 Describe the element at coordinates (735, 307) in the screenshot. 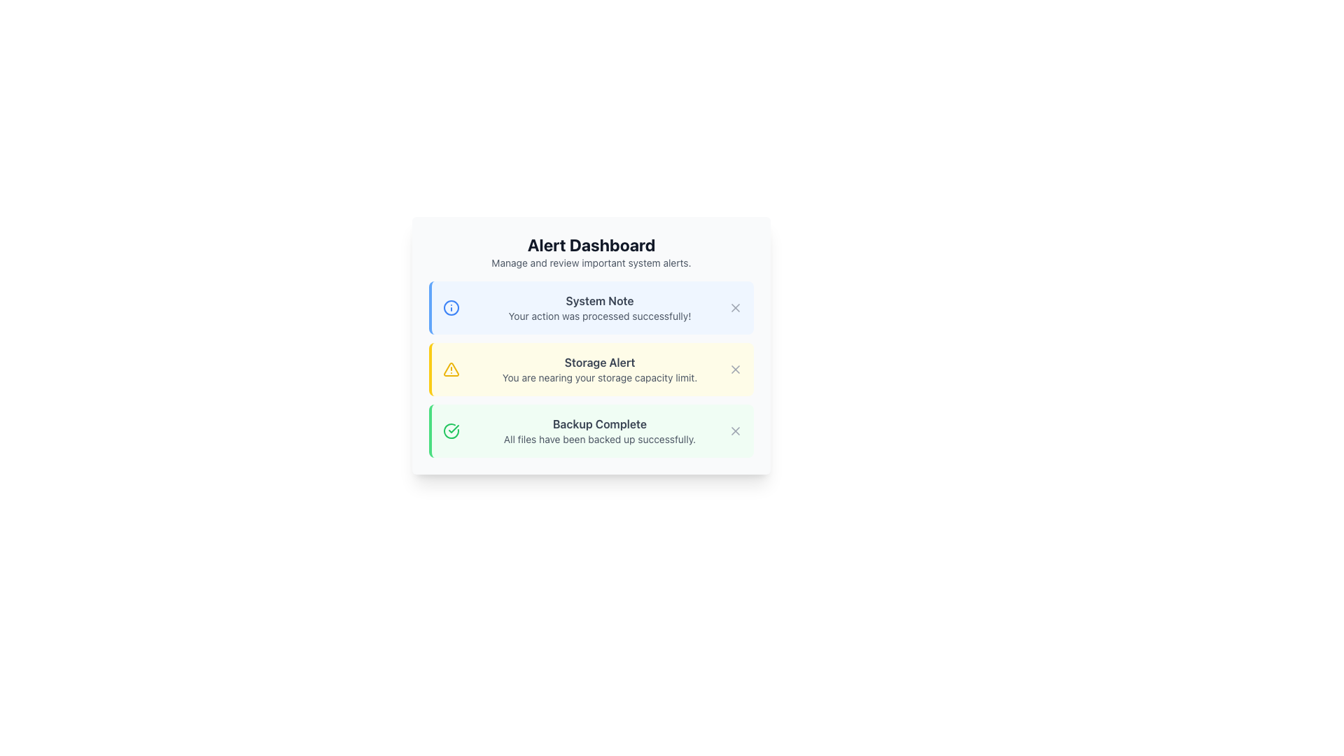

I see `the close icon button located in the top-right corner of the blue notification labeled 'System Note'` at that location.